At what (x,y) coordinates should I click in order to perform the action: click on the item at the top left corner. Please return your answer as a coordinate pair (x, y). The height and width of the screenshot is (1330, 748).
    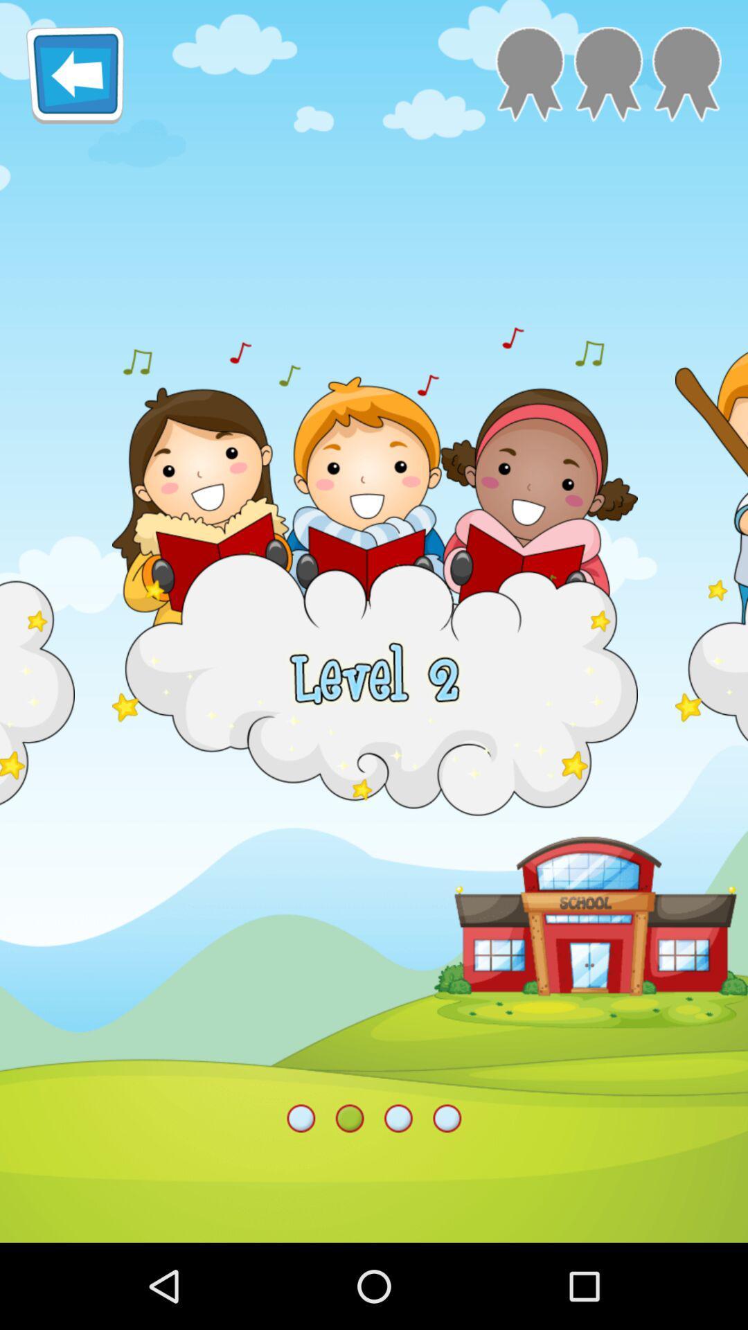
    Looking at the image, I should click on (75, 74).